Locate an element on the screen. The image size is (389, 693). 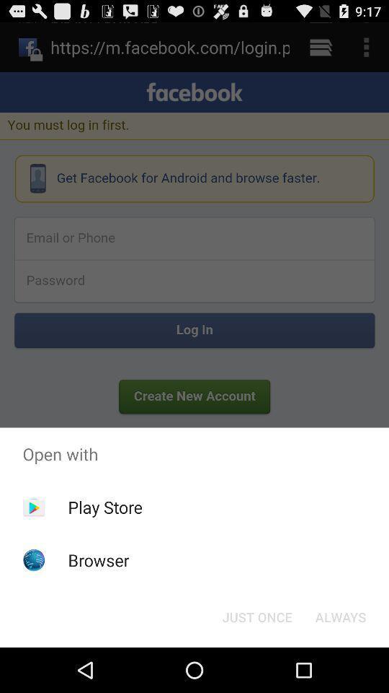
app below open with item is located at coordinates (340, 616).